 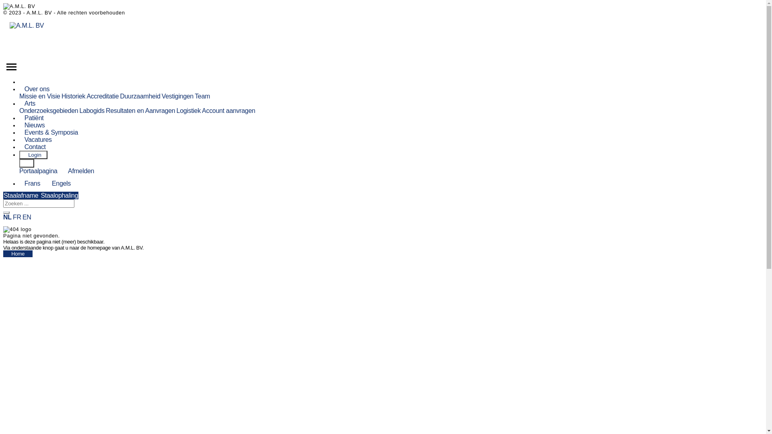 I want to click on '  Login', so click(x=33, y=155).